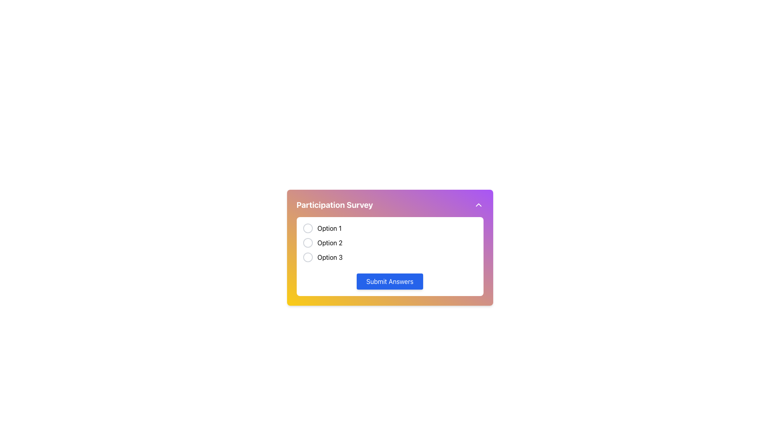 The height and width of the screenshot is (435, 773). Describe the element at coordinates (307, 242) in the screenshot. I see `the radio button labeled 'Option 2' in the Participation Survey` at that location.